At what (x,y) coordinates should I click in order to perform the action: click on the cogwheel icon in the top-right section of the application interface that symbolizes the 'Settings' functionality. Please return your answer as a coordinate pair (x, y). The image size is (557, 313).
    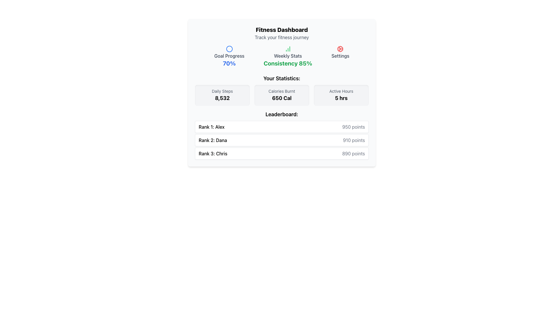
    Looking at the image, I should click on (340, 49).